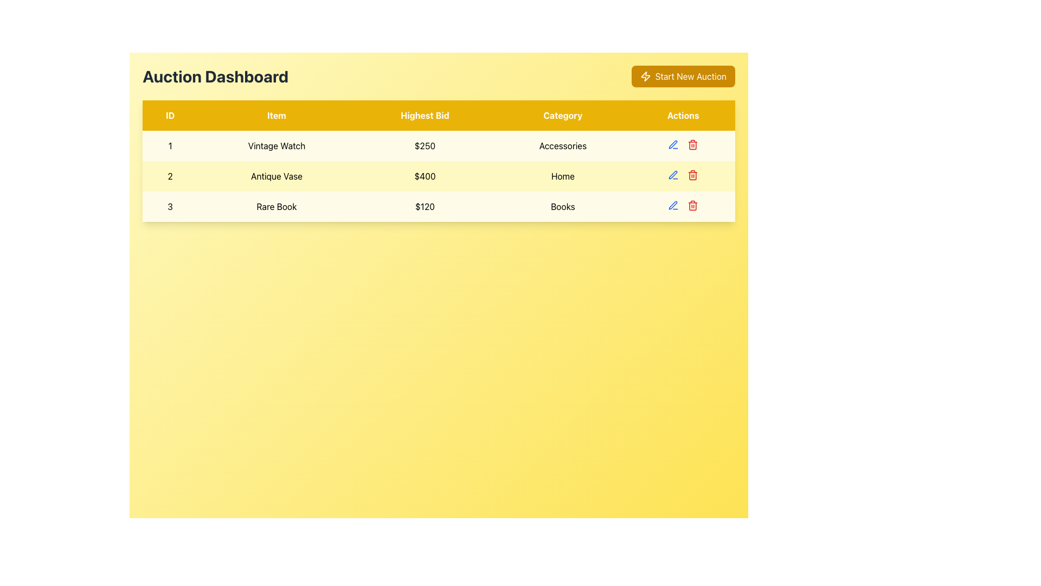 This screenshot has height=586, width=1041. Describe the element at coordinates (563, 145) in the screenshot. I see `the 'Accessories' text label in the first row of the 'Category' column for the item 'Vintage Watch'` at that location.